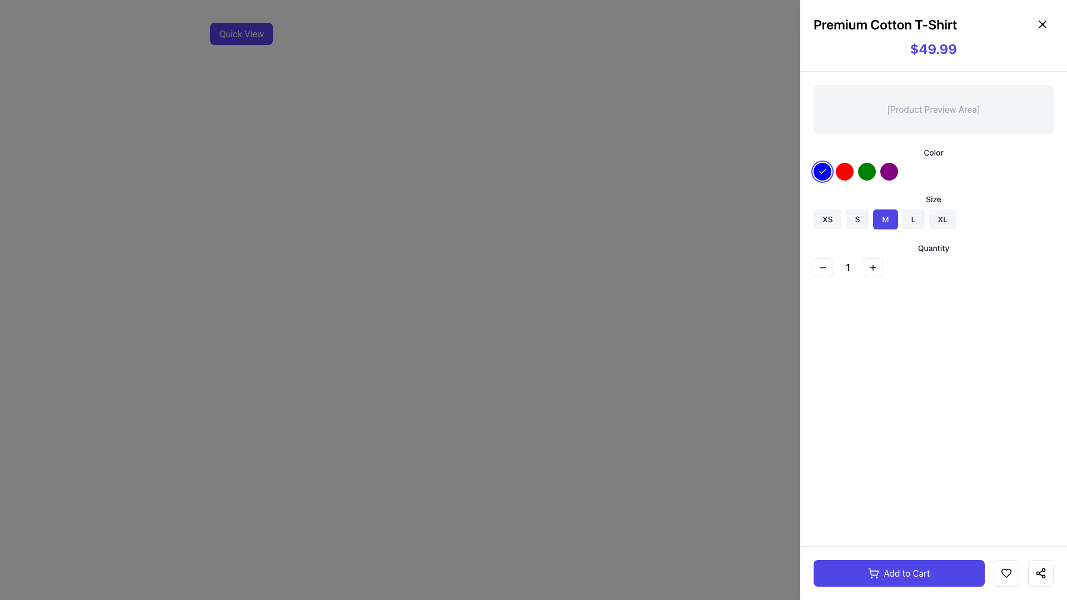 Image resolution: width=1067 pixels, height=600 pixels. What do you see at coordinates (872, 268) in the screenshot?
I see `the third button in the row for quantity adjustment, which allows users to increase the quantity of the selected item by one` at bounding box center [872, 268].